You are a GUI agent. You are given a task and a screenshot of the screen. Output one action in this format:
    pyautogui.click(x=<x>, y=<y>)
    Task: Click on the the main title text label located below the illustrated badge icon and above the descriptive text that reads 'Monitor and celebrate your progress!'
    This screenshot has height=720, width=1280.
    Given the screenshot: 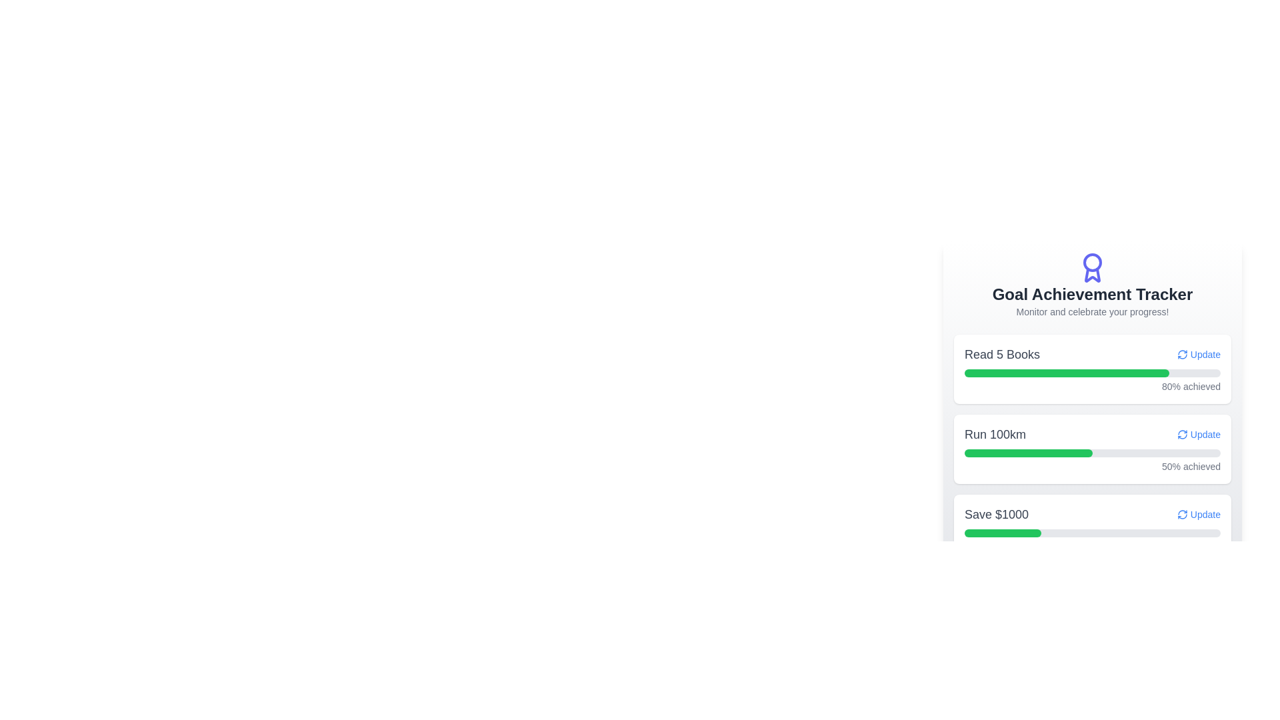 What is the action you would take?
    pyautogui.click(x=1092, y=294)
    